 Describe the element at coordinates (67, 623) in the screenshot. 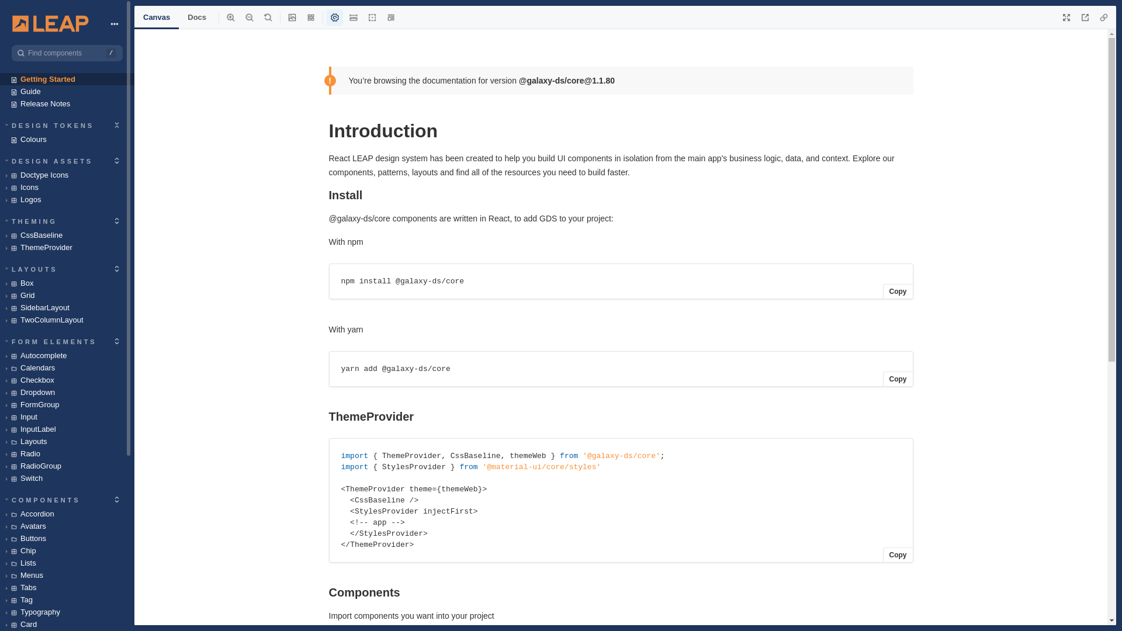

I see `'Card'` at that location.